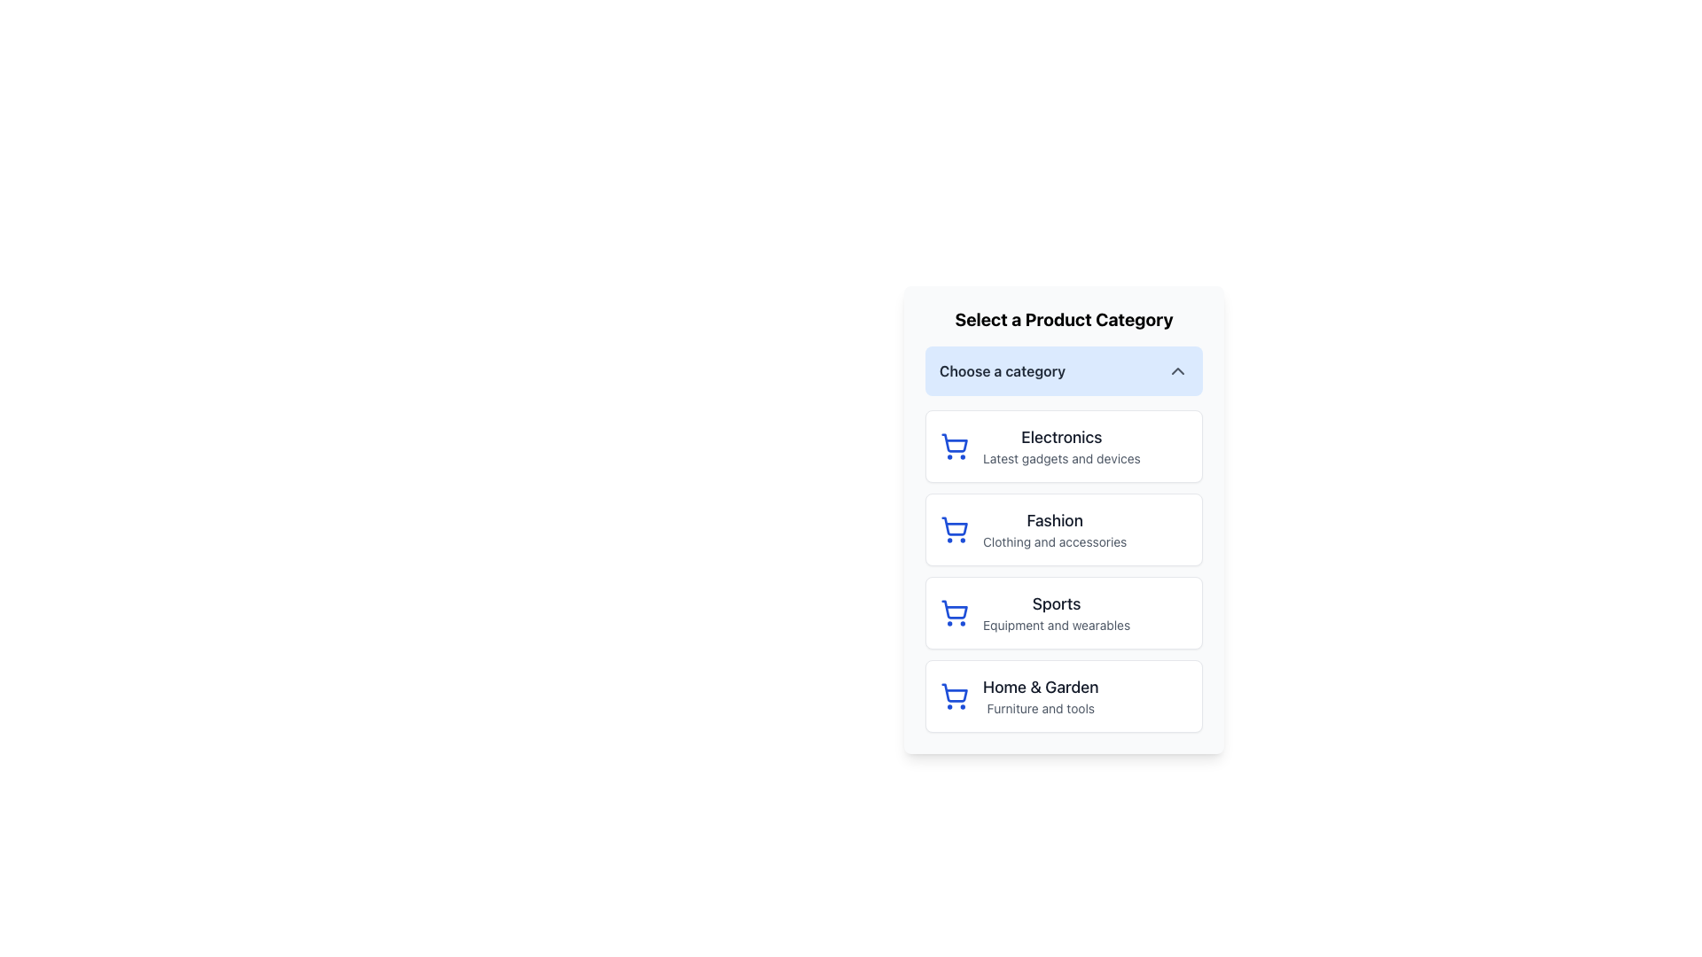 The height and width of the screenshot is (957, 1702). What do you see at coordinates (1064, 528) in the screenshot?
I see `the 'Fashion' category button, located below the 'Electronics' category and above the 'Sports' category in the vertical list of categories` at bounding box center [1064, 528].